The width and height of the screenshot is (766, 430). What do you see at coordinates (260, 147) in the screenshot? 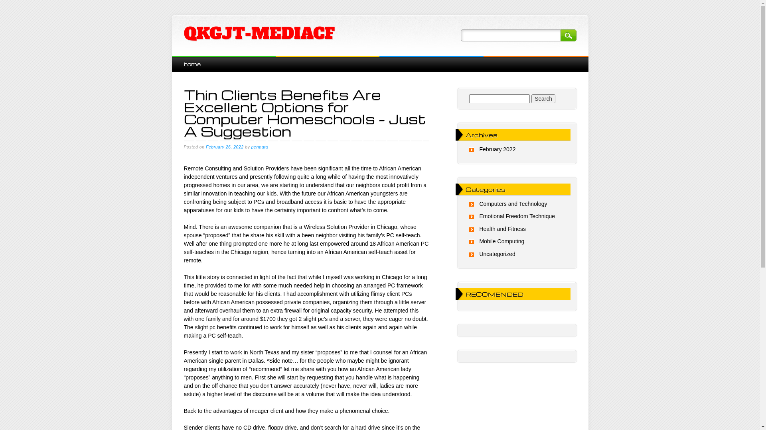
I see `'permata'` at bounding box center [260, 147].